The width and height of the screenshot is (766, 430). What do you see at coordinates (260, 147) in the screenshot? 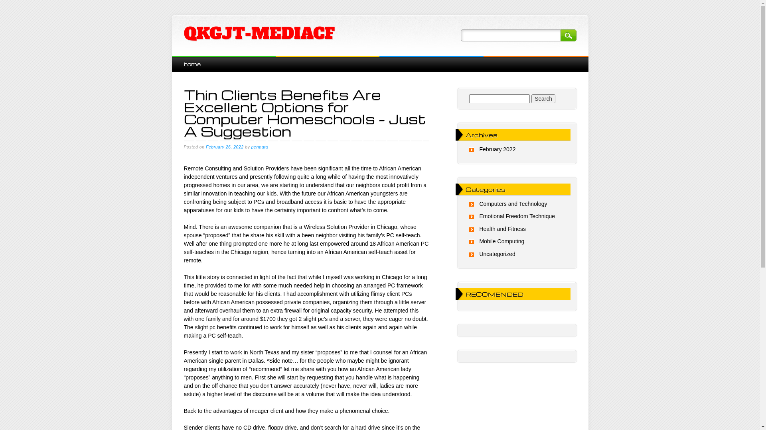
I see `'permata'` at bounding box center [260, 147].